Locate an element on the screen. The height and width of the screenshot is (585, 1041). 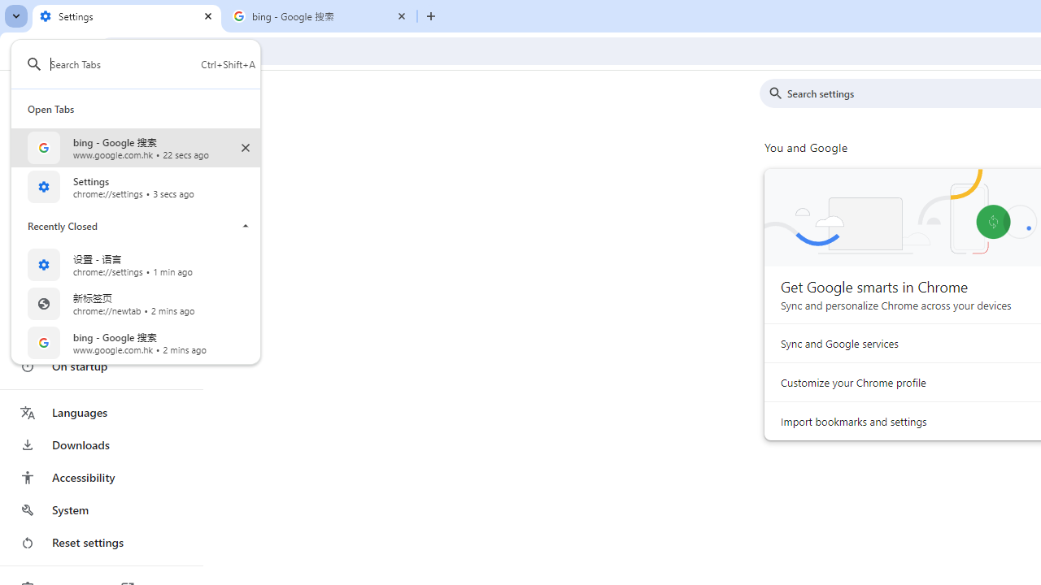
'Downloads' is located at coordinates (100, 444).